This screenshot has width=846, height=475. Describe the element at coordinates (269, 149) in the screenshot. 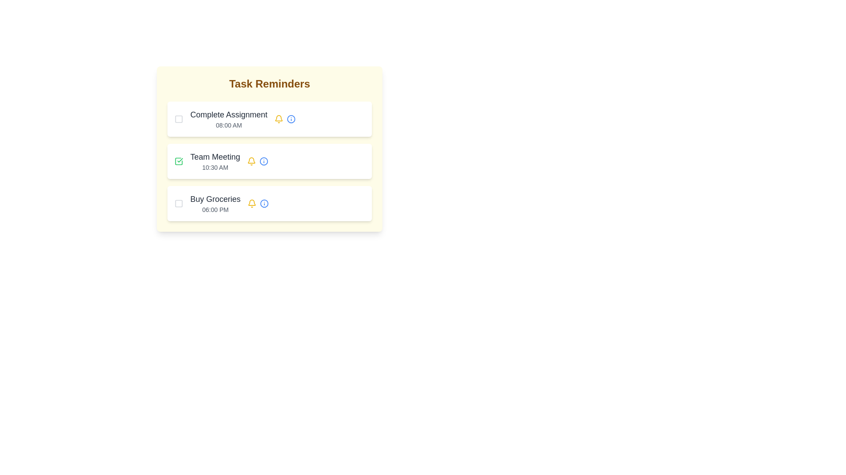

I see `the second task entry labeled 'Team Meeting'` at that location.